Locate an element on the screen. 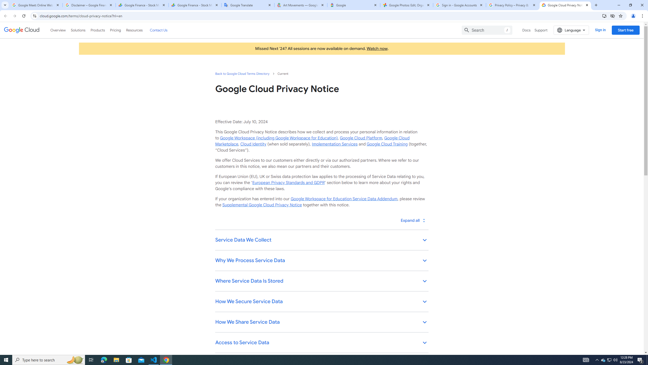 The height and width of the screenshot is (365, 648). 'Language' is located at coordinates (571, 30).